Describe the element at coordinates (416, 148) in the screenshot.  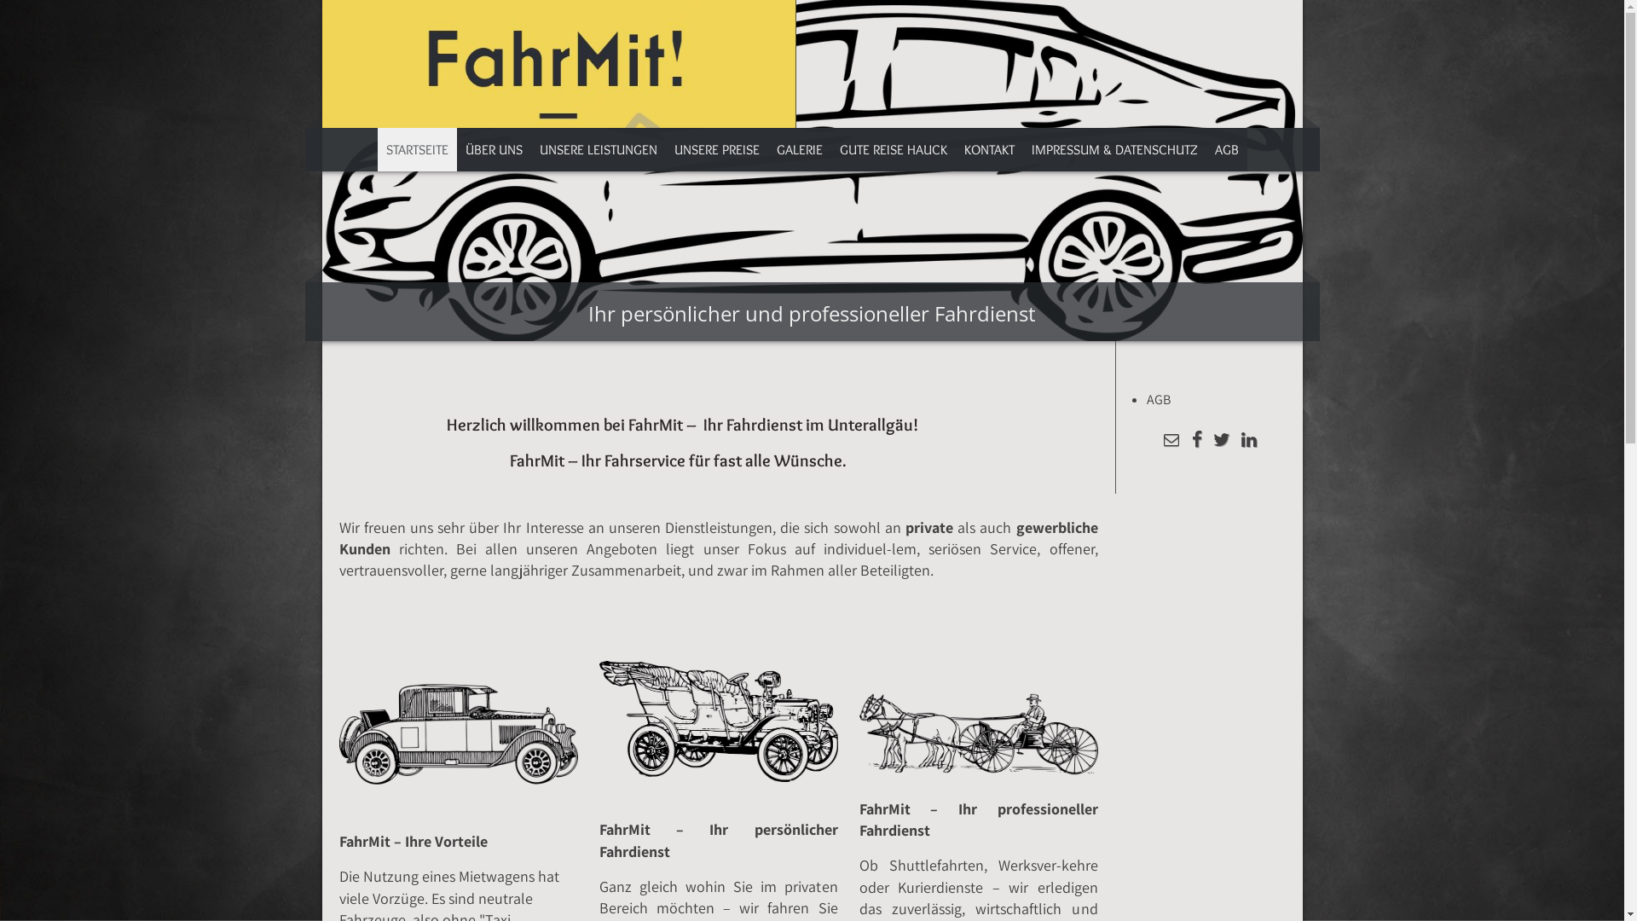
I see `'STARTSEITE'` at that location.